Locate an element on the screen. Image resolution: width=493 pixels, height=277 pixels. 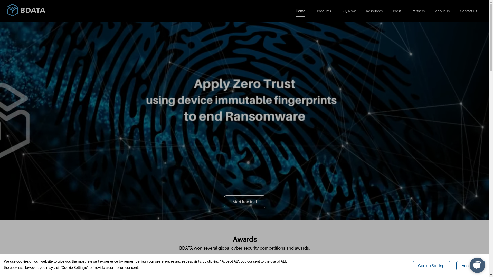
'Contact Us' is located at coordinates (468, 11).